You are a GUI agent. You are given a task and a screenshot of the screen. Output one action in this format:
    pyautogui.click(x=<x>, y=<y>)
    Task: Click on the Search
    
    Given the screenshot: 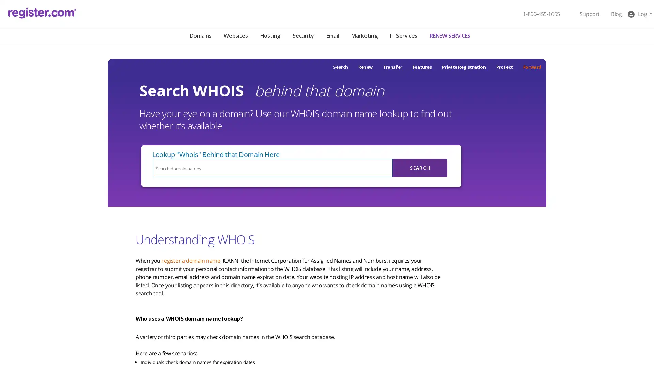 What is the action you would take?
    pyautogui.click(x=420, y=168)
    